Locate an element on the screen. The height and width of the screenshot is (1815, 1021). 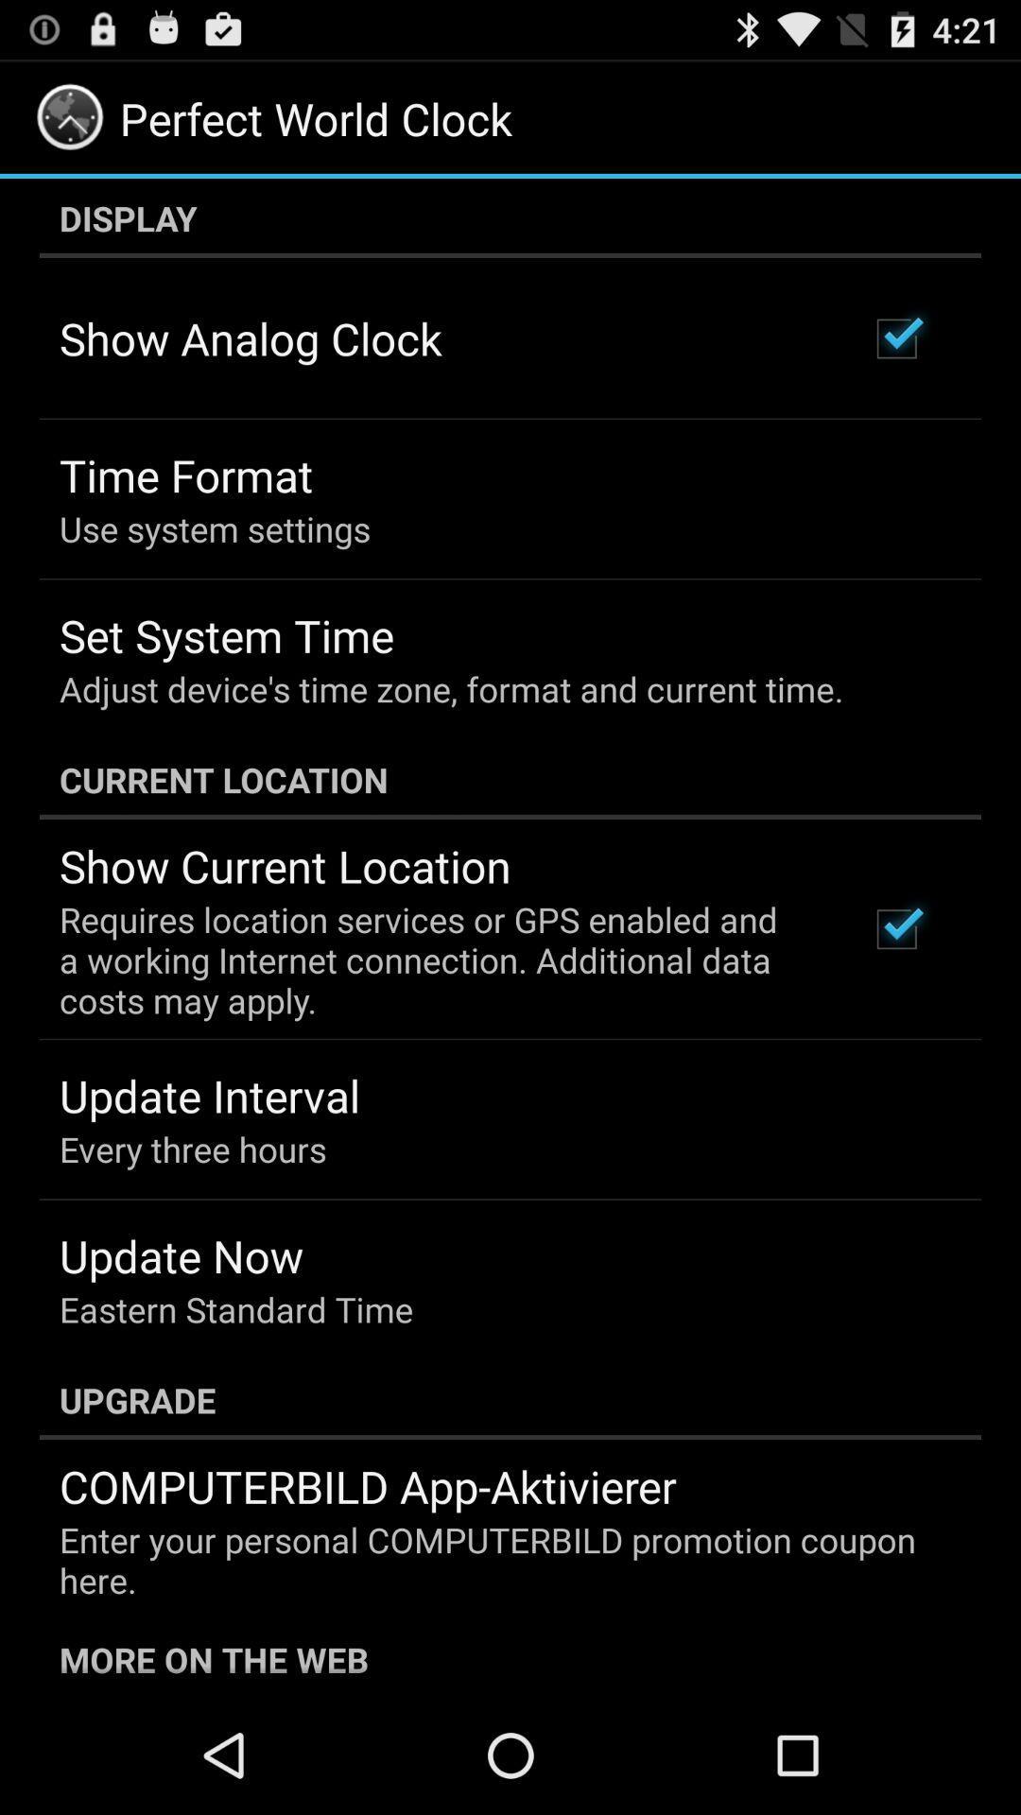
more on the icon is located at coordinates (510, 1656).